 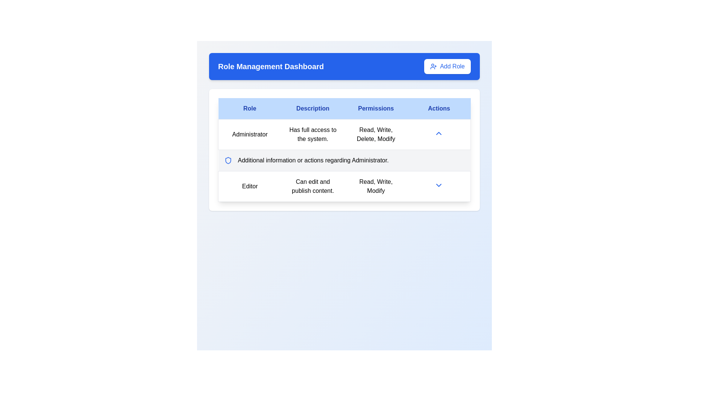 I want to click on the text label that describes the role 'Administrator' in the 'Role Management Dashboard', located in the second column of the first row of the data table, so click(x=313, y=134).